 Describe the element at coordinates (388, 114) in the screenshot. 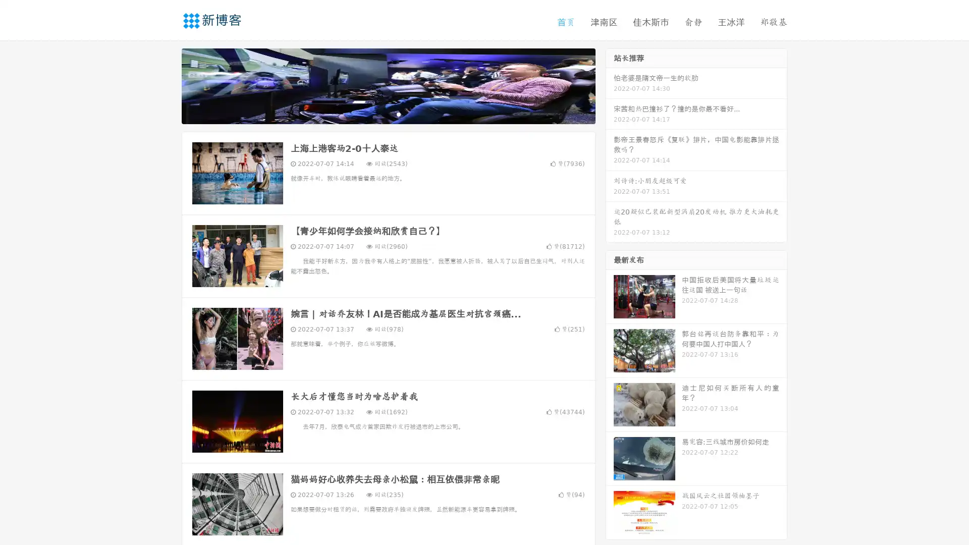

I see `Go to slide 2` at that location.